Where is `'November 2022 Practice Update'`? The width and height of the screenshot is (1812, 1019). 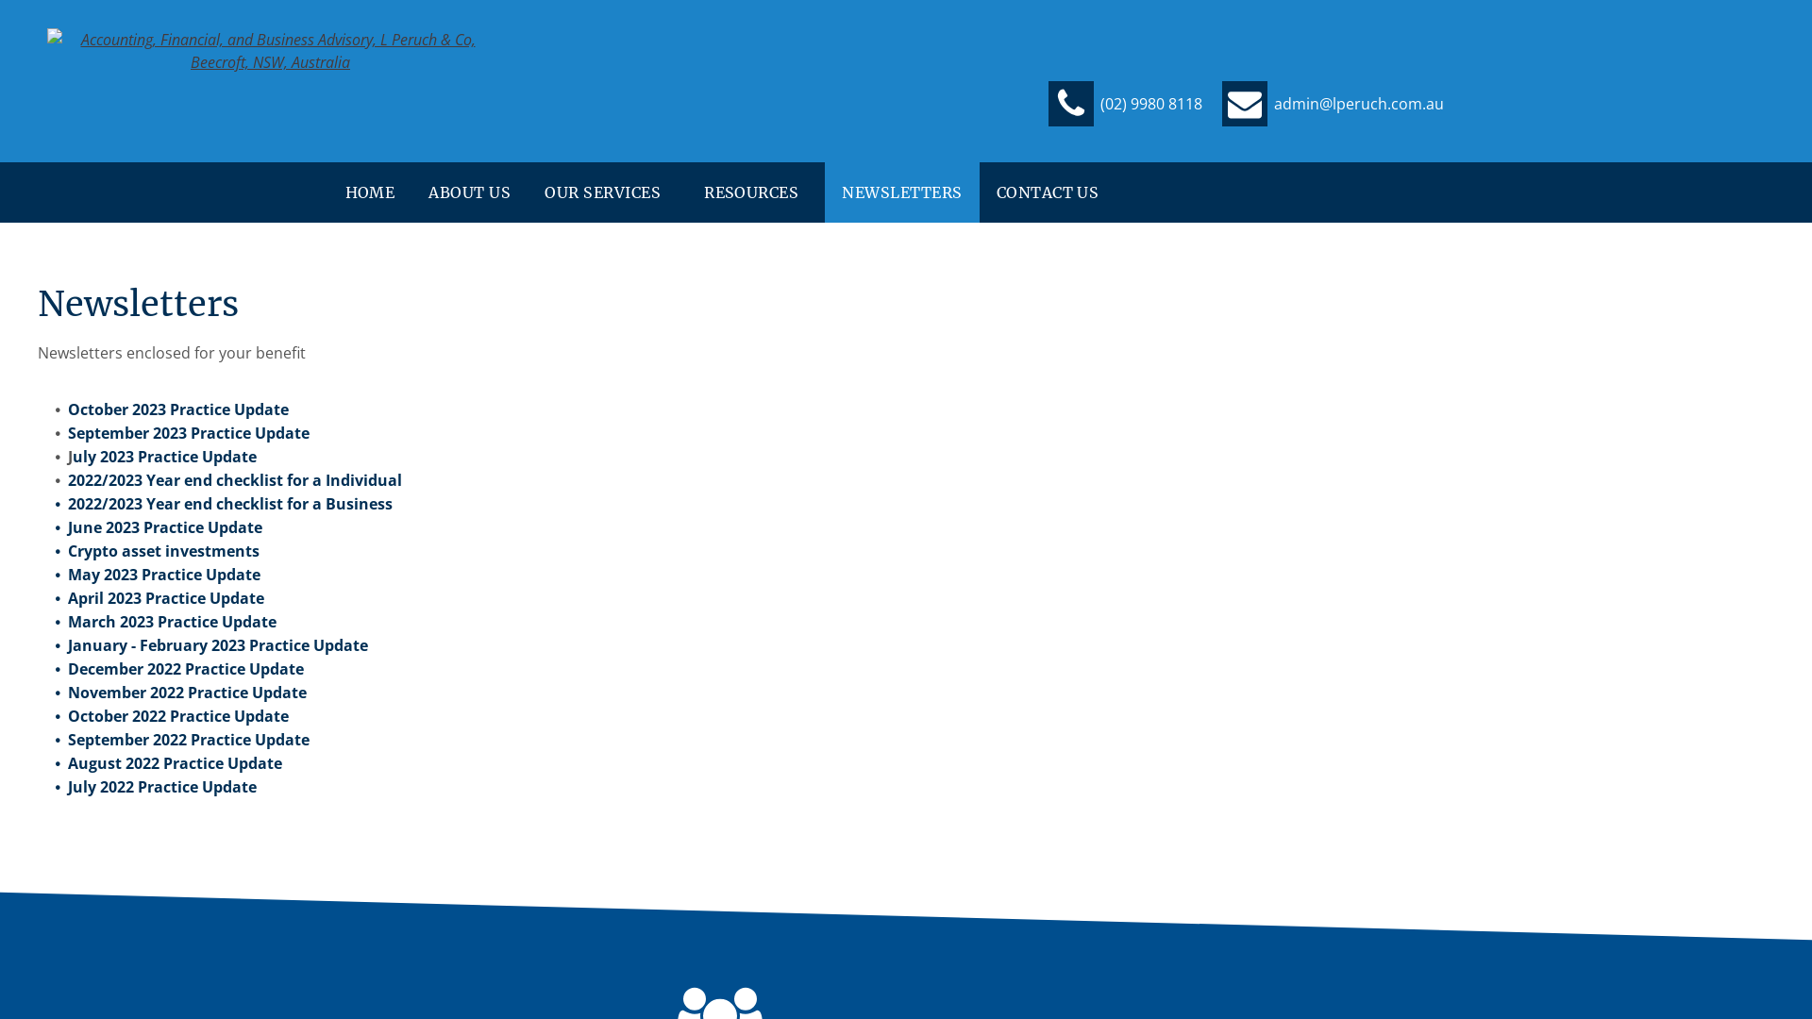
'November 2022 Practice Update' is located at coordinates (187, 692).